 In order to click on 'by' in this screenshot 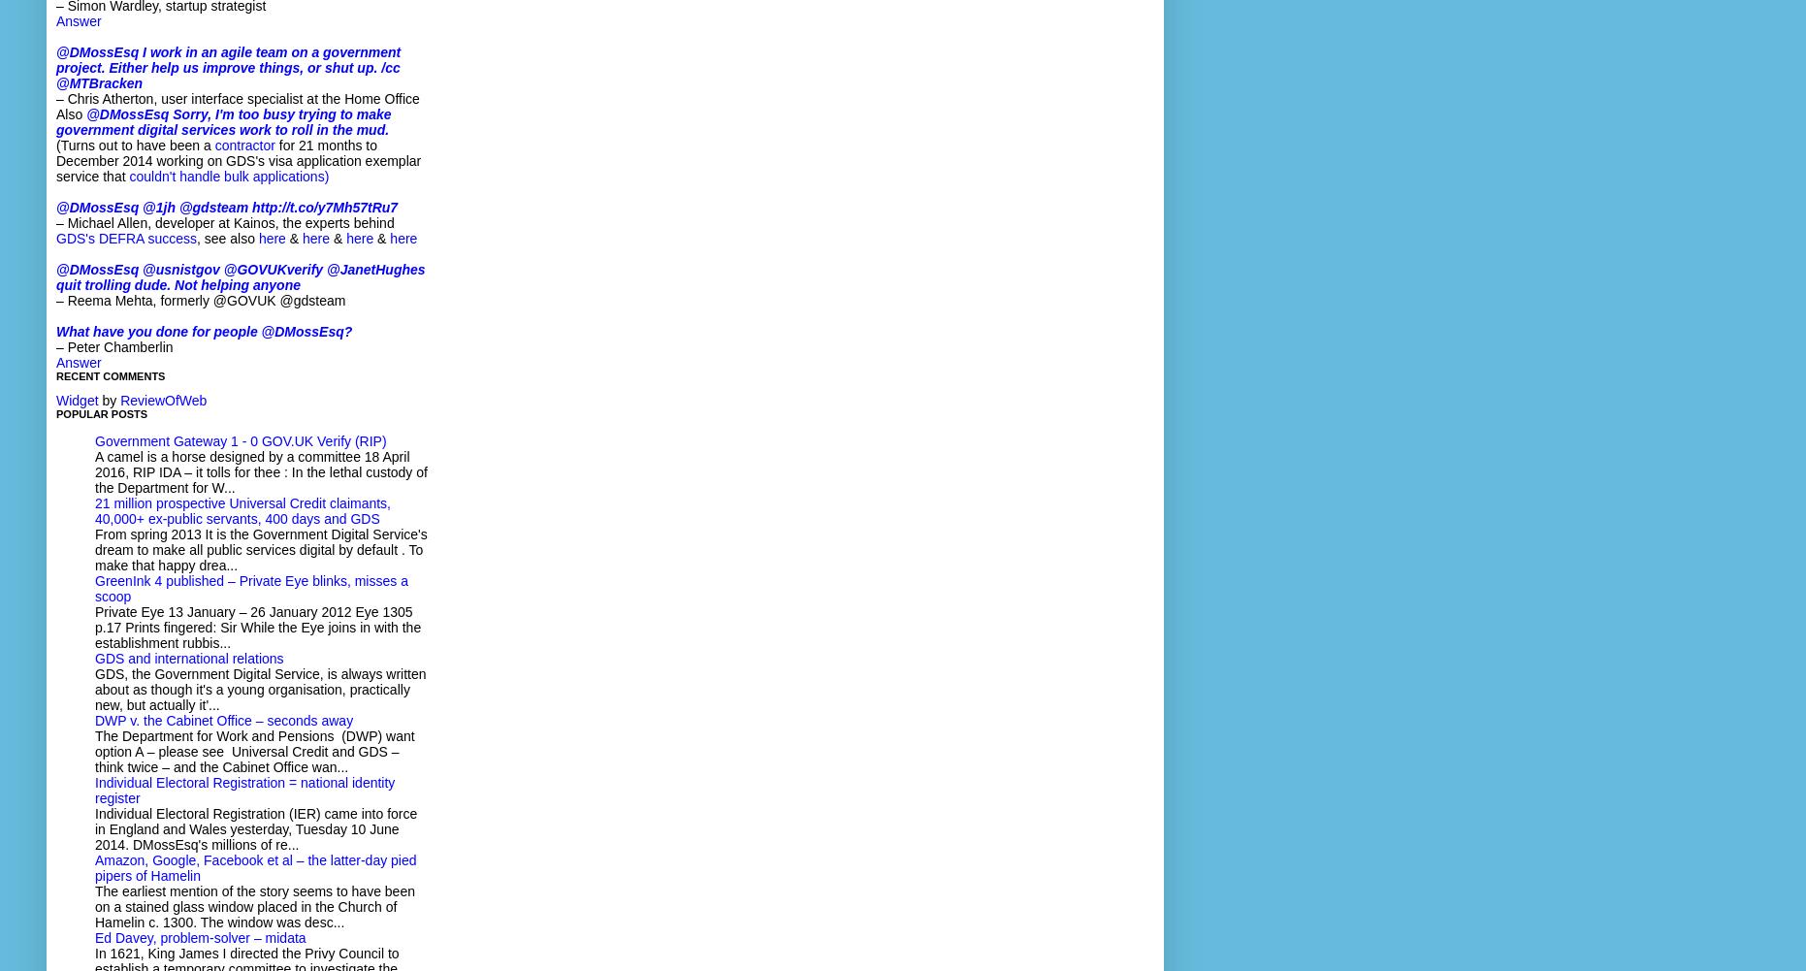, I will do `click(102, 400)`.